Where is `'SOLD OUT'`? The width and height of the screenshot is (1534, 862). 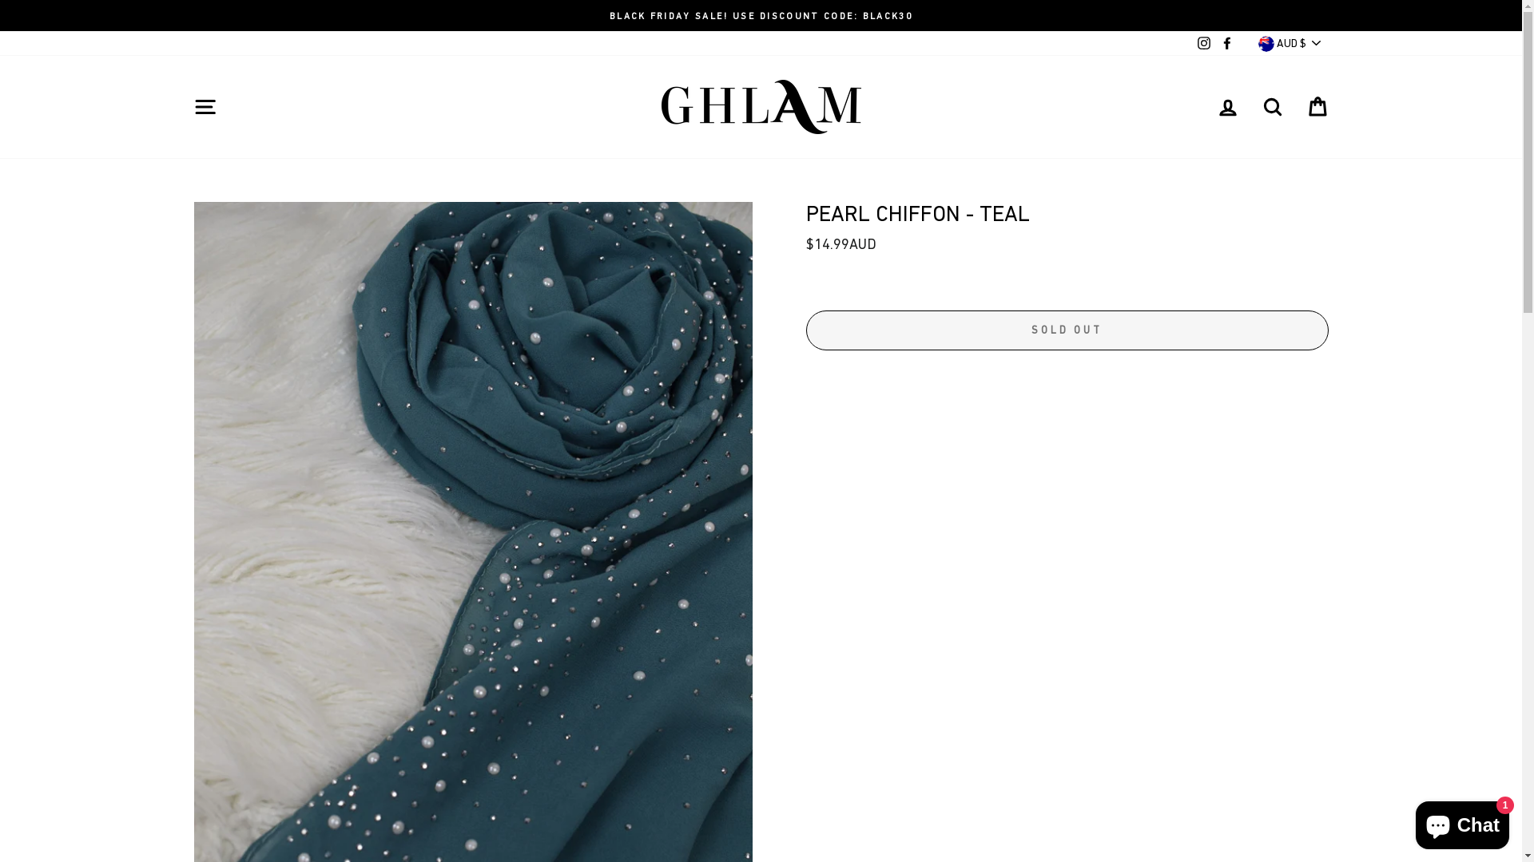
'SOLD OUT' is located at coordinates (1066, 329).